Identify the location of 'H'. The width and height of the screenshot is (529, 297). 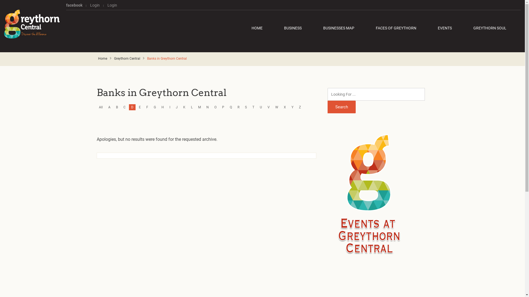
(159, 107).